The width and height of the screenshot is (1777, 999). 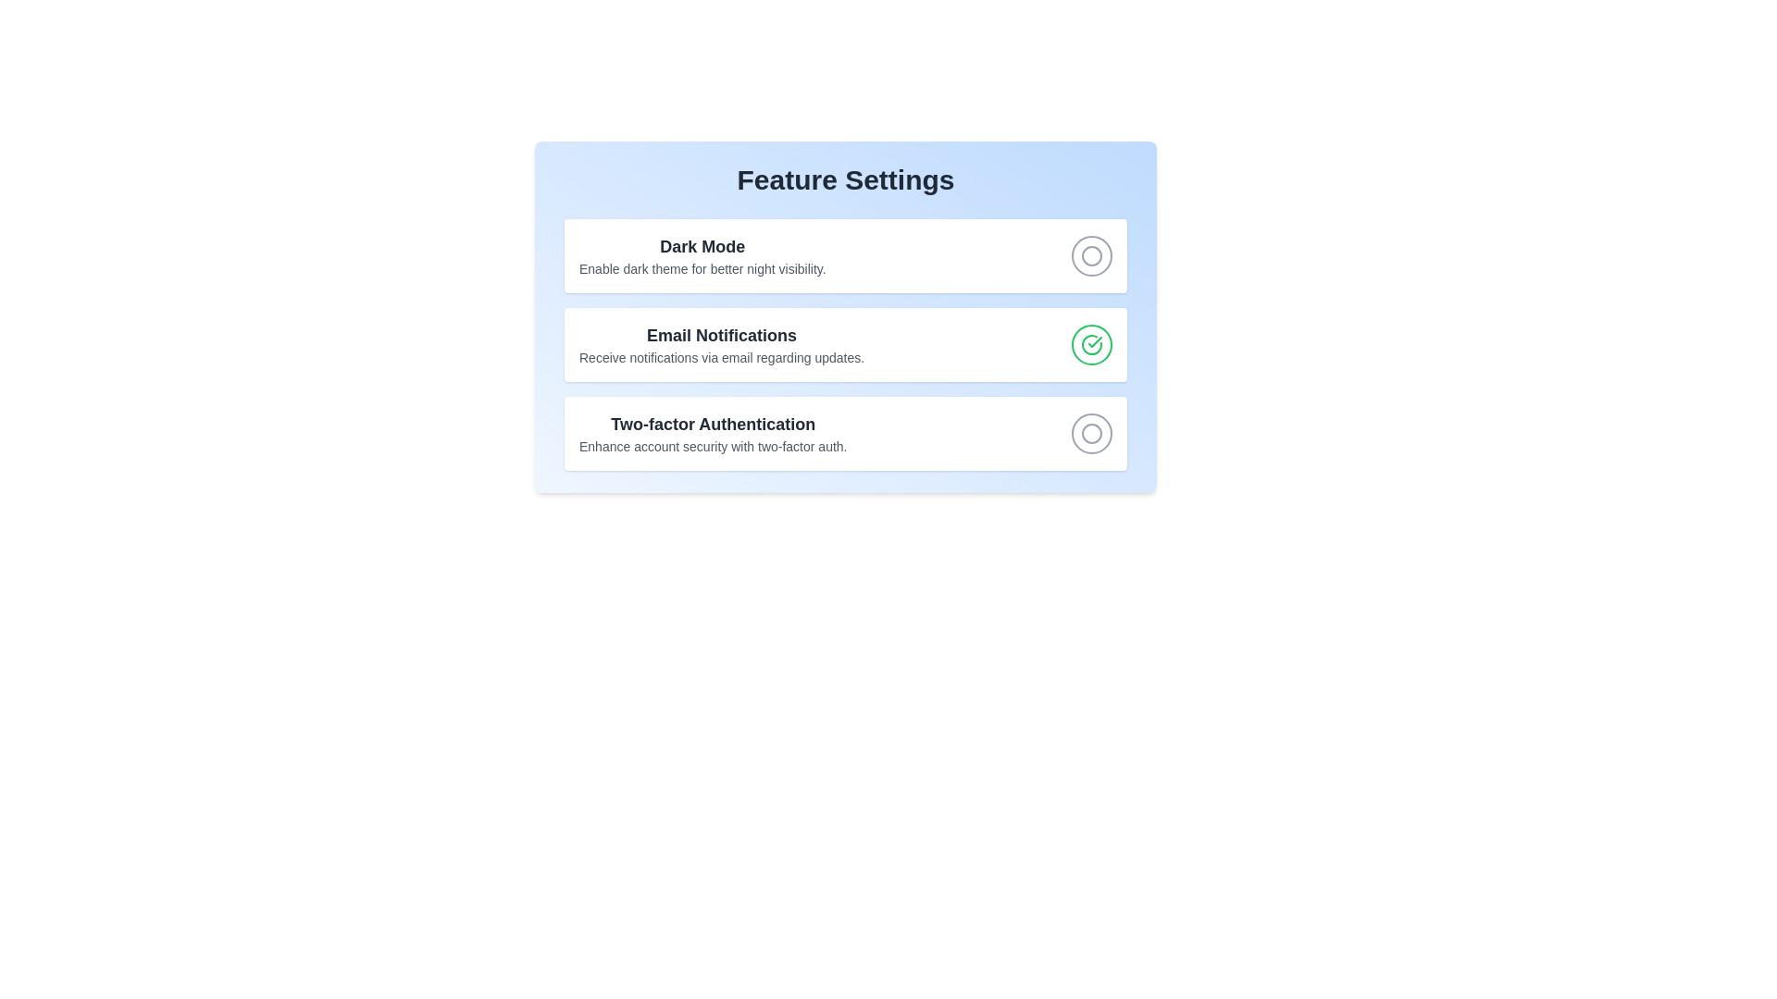 What do you see at coordinates (721, 357) in the screenshot?
I see `the static text that states 'Receive notifications via email regarding updates.' located under the 'Email Notifications' title` at bounding box center [721, 357].